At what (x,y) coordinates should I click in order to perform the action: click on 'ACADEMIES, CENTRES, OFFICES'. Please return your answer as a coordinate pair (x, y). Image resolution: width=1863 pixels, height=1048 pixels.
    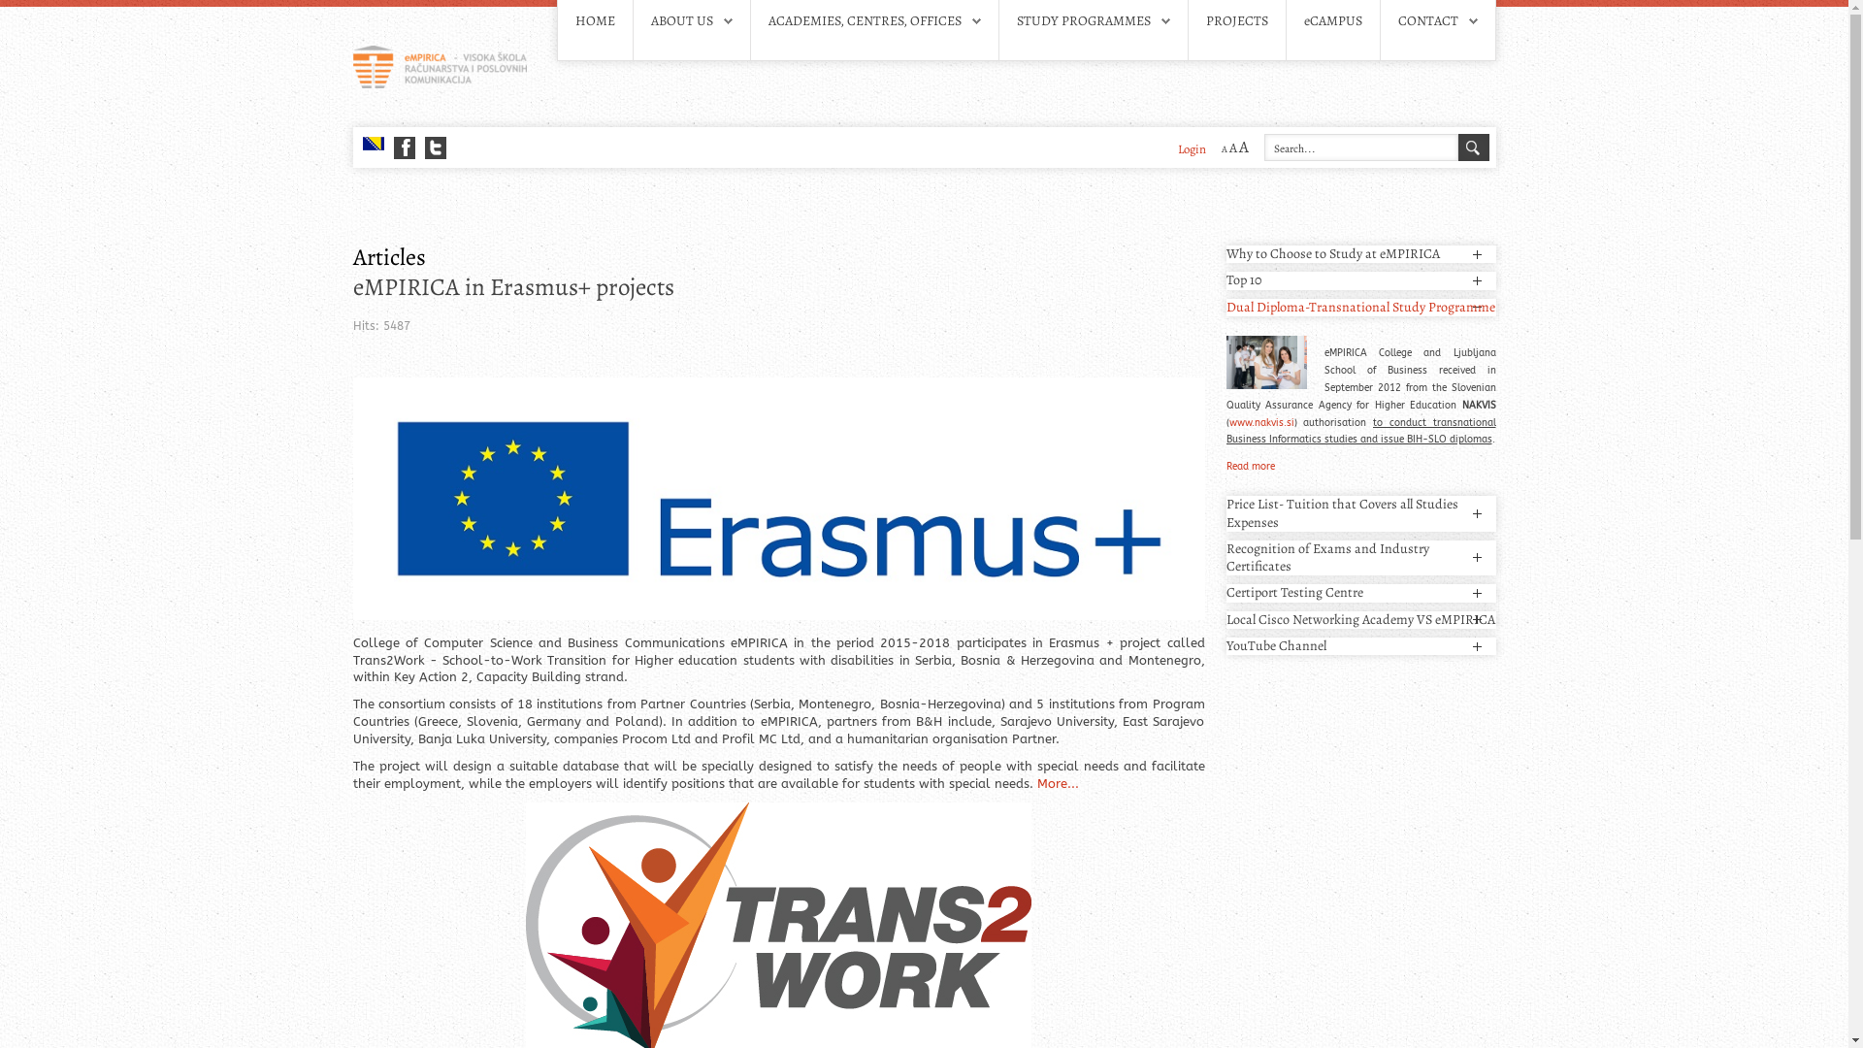
    Looking at the image, I should click on (864, 20).